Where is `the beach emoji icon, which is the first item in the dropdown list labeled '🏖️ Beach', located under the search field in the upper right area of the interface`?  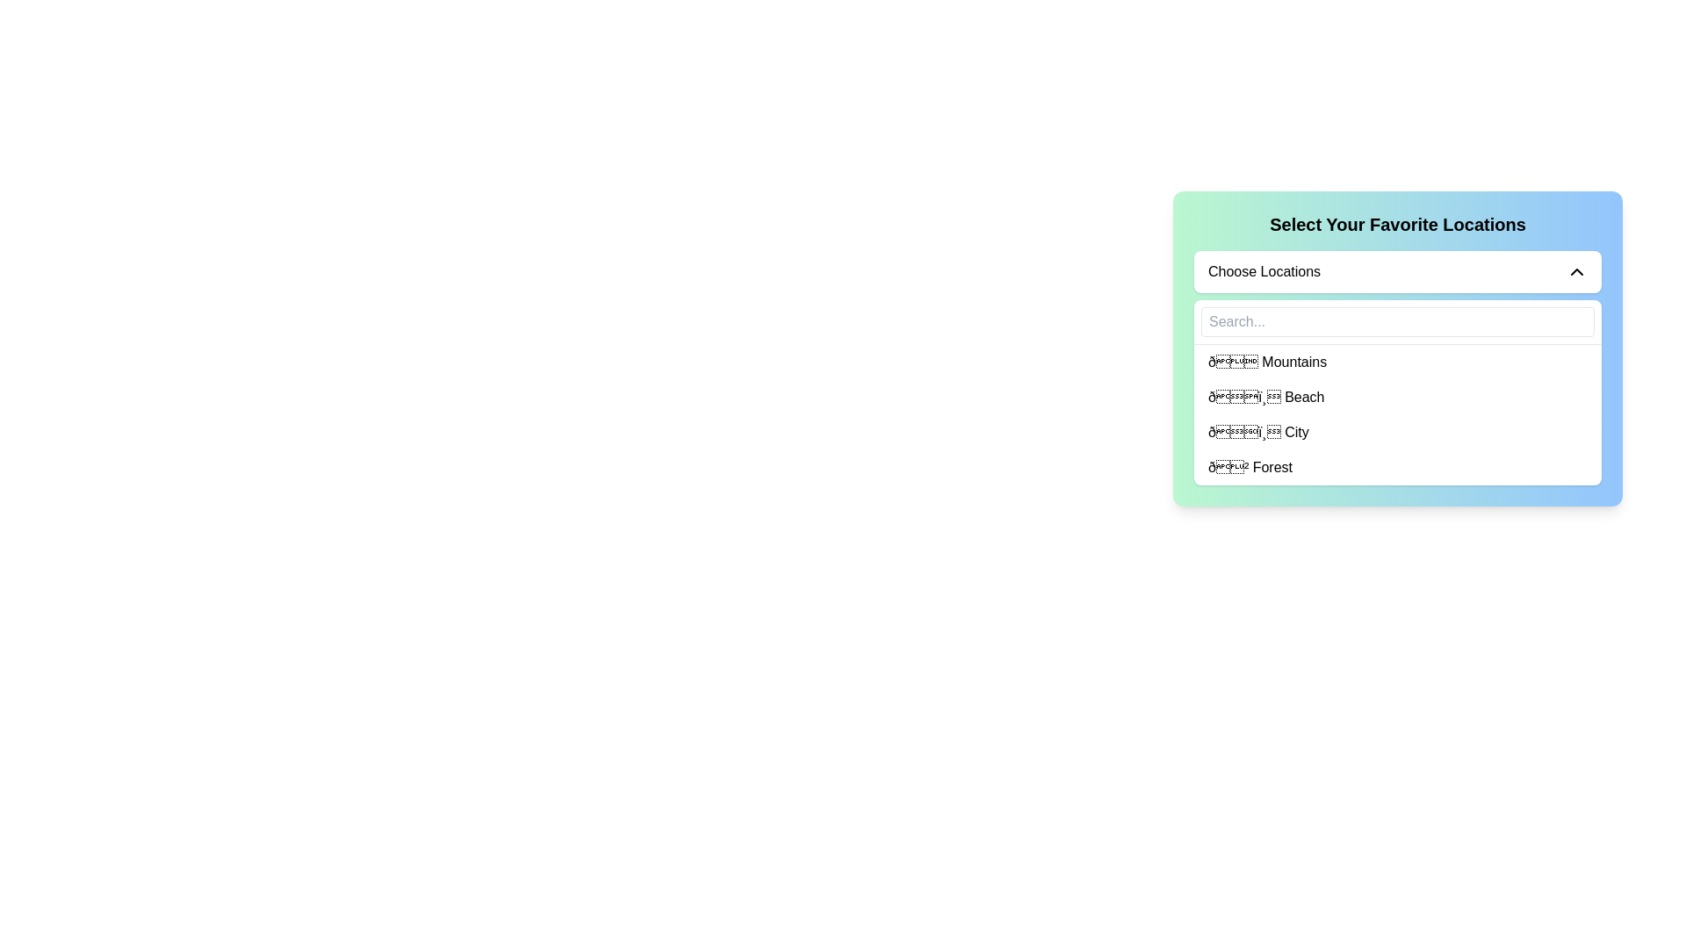
the beach emoji icon, which is the first item in the dropdown list labeled '🏖️ Beach', located under the search field in the upper right area of the interface is located at coordinates (1243, 397).